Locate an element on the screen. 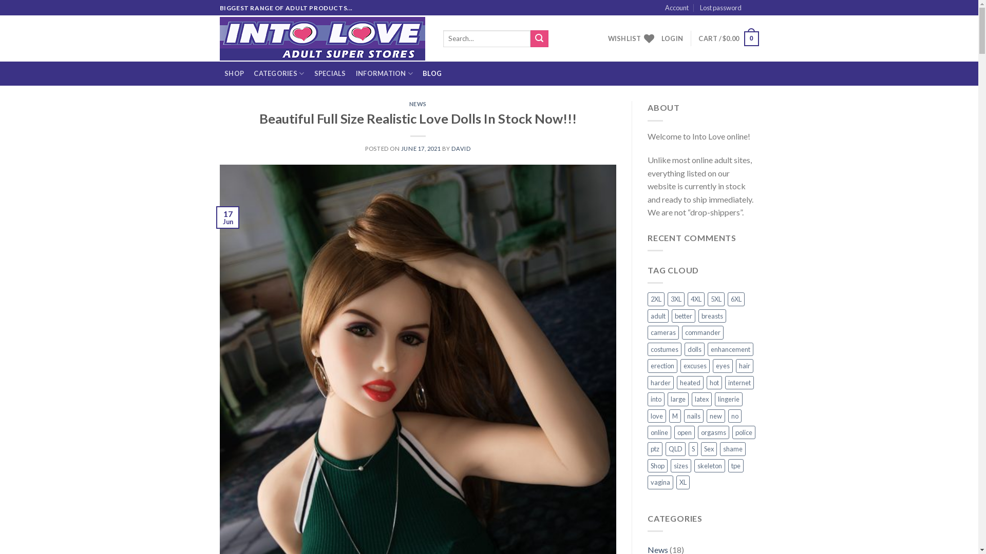  'NEWS' is located at coordinates (418, 104).